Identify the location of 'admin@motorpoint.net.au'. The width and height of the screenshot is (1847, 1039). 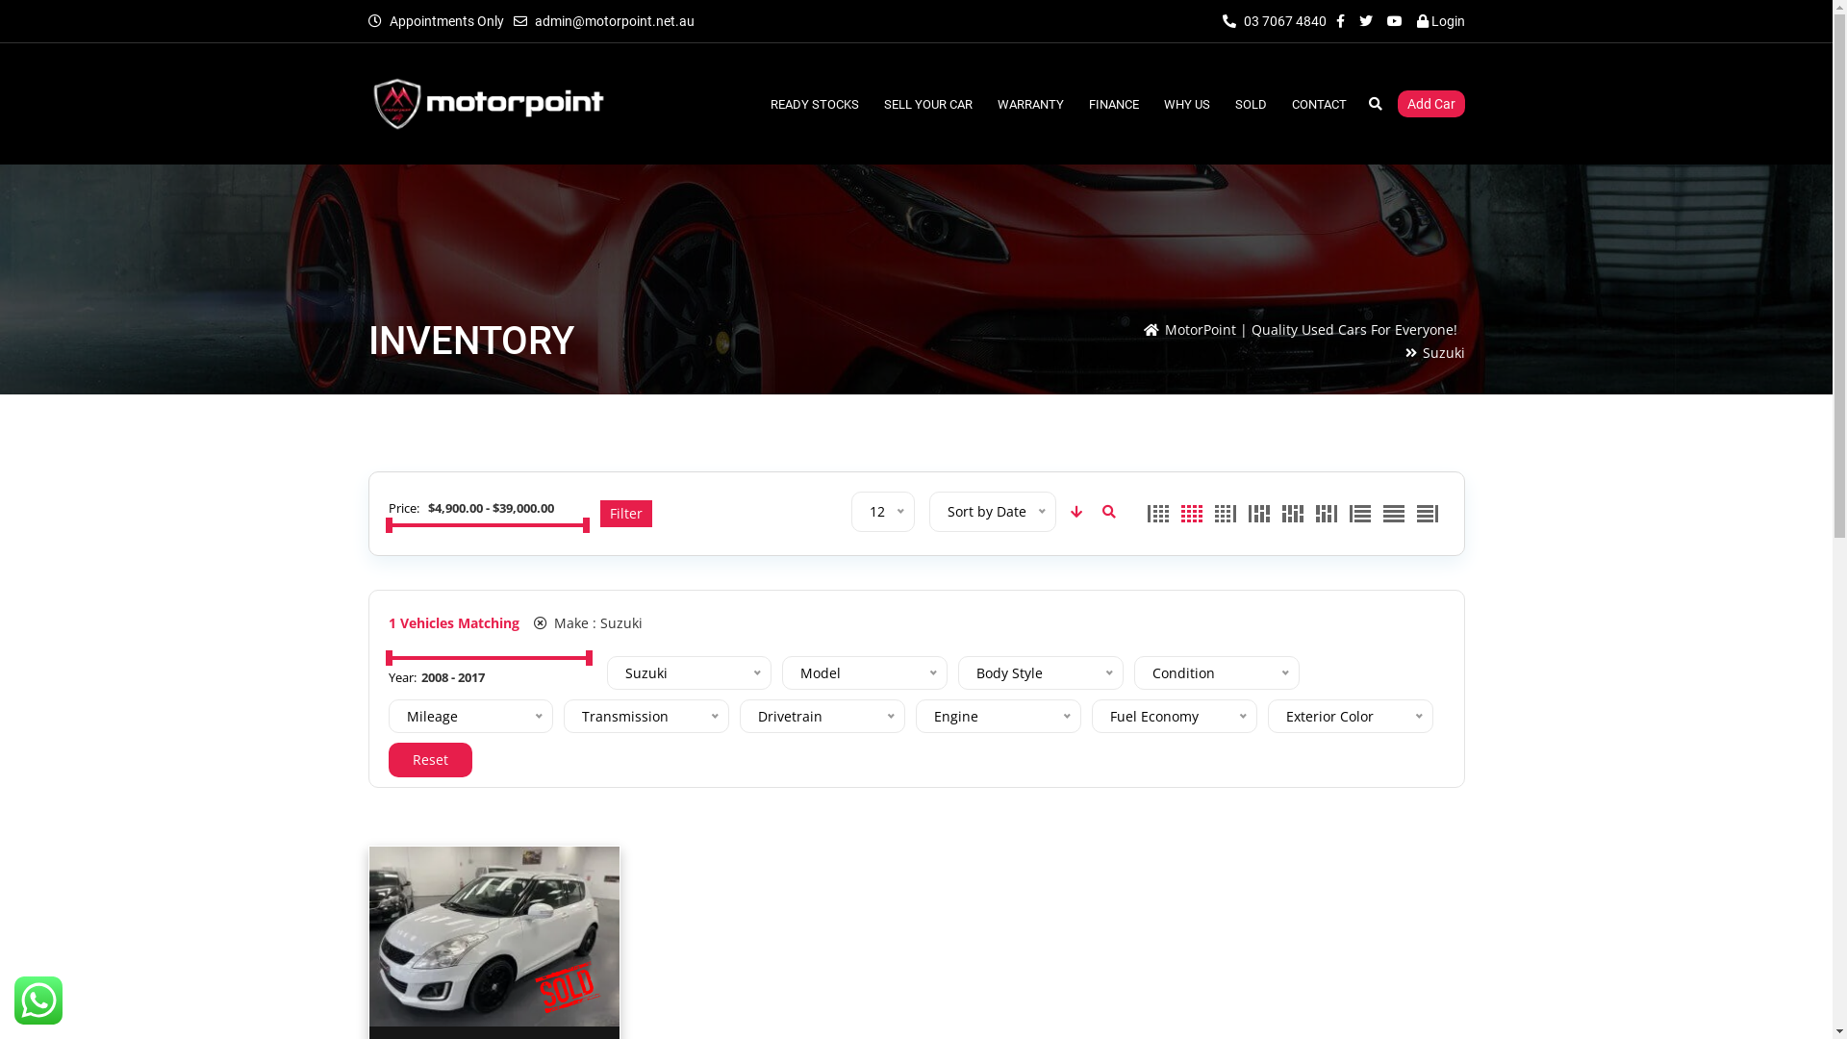
(613, 21).